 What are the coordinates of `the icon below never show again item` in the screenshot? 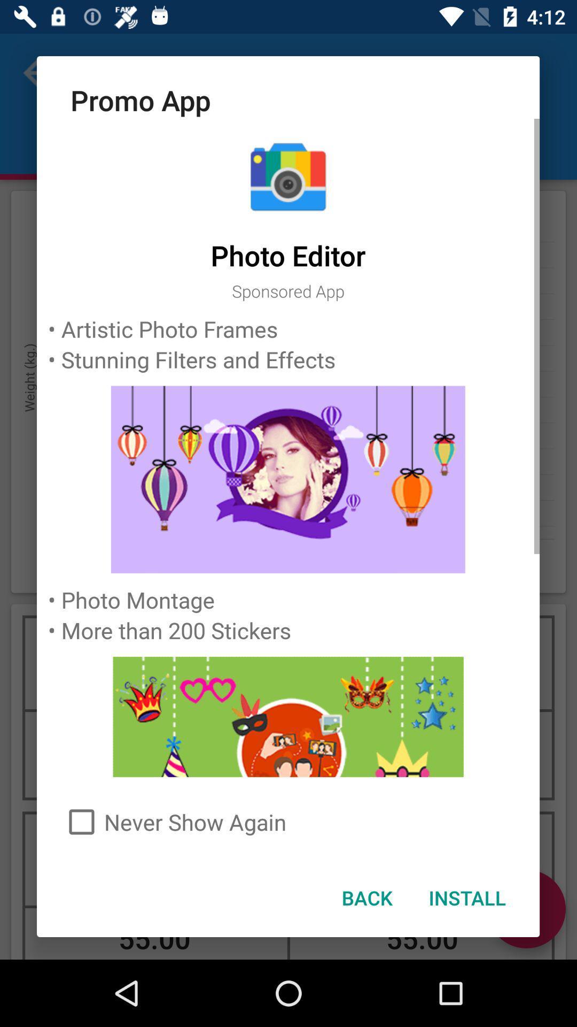 It's located at (366, 898).